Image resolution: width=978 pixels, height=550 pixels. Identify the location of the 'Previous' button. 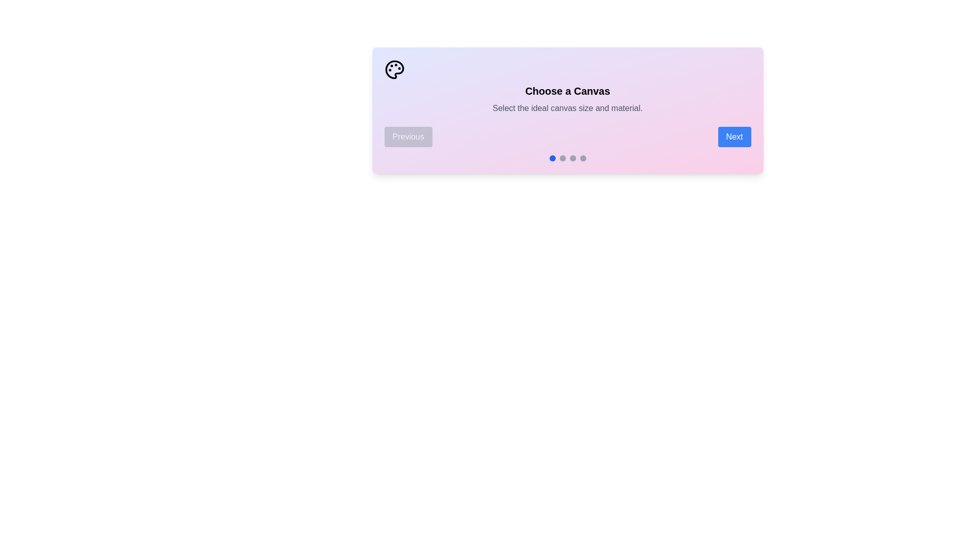
(408, 136).